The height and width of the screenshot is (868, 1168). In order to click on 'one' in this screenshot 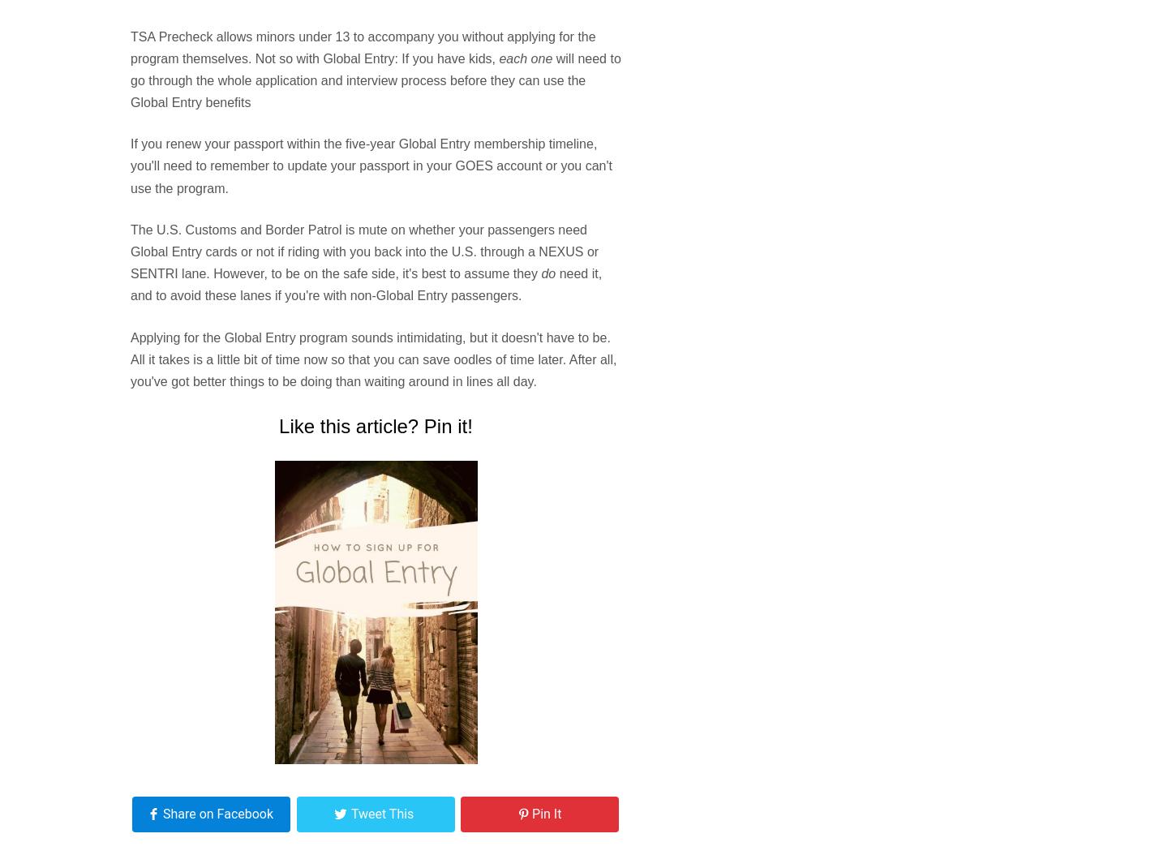, I will do `click(541, 57)`.